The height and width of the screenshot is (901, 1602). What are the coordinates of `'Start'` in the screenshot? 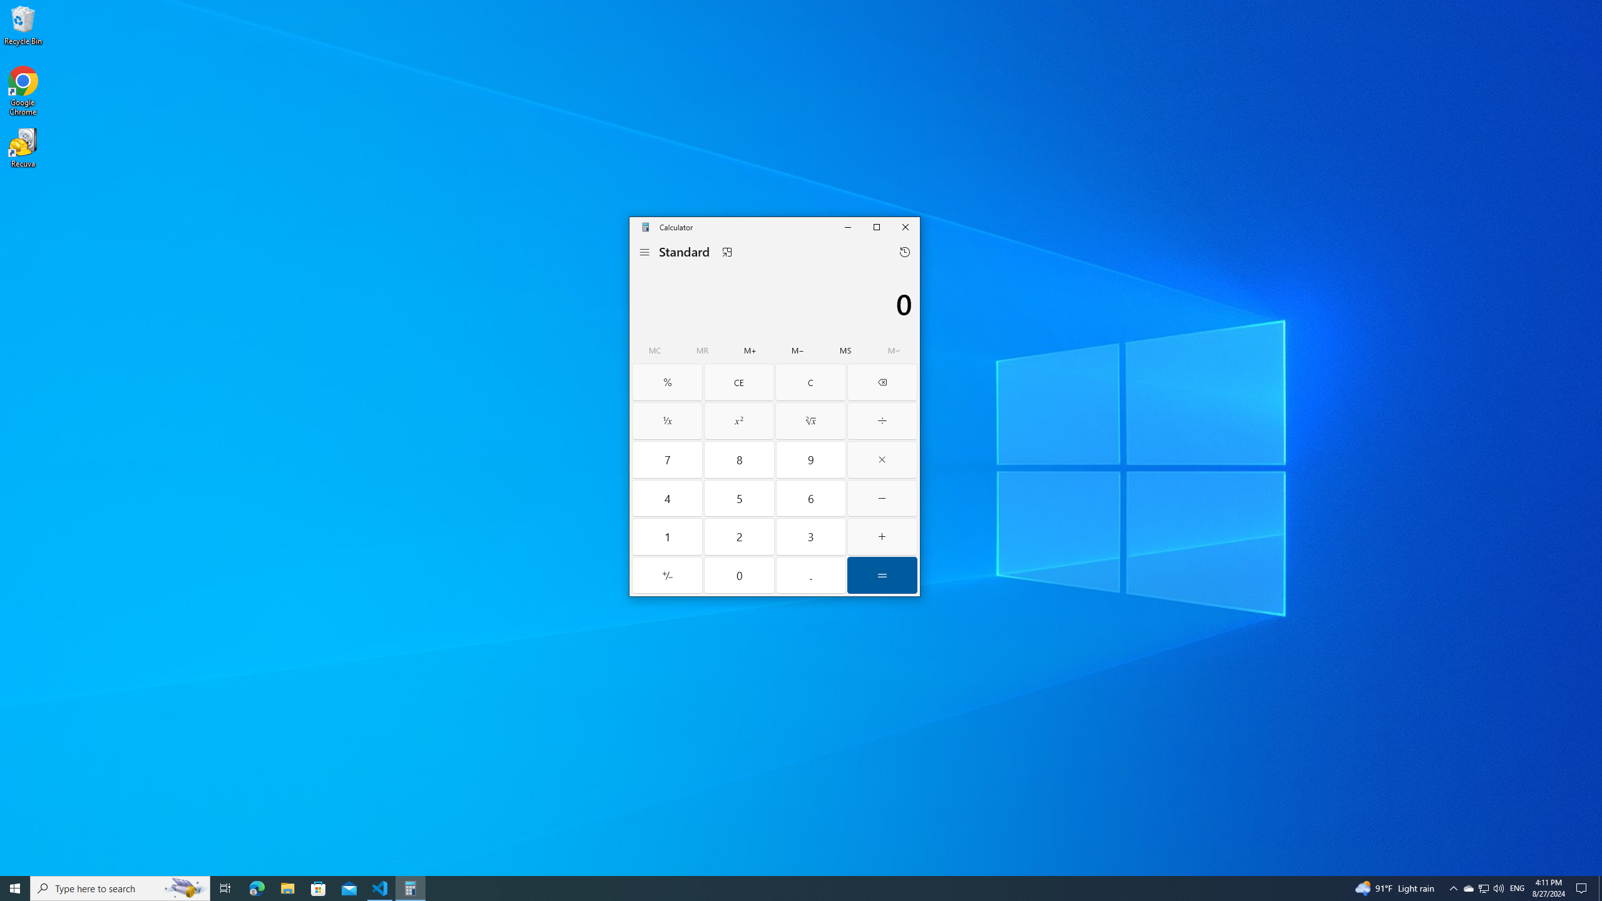 It's located at (15, 887).